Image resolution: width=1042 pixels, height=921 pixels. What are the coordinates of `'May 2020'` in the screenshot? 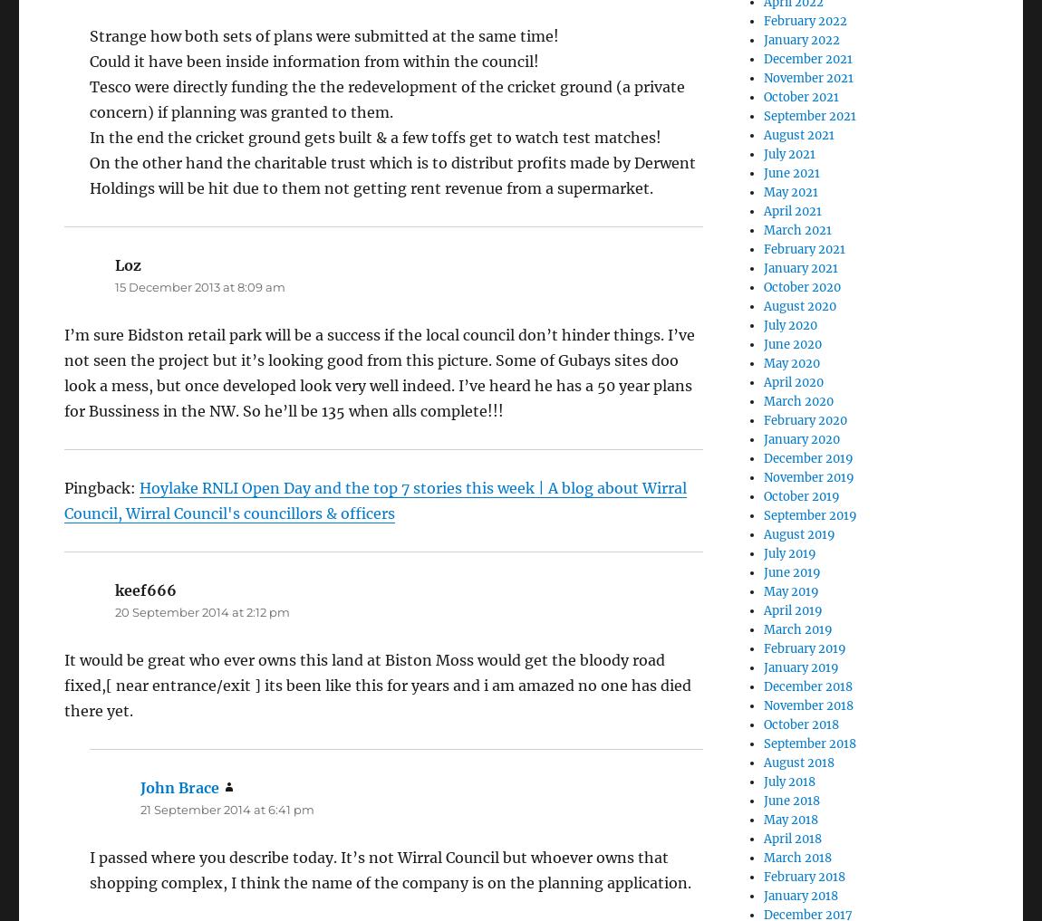 It's located at (792, 363).